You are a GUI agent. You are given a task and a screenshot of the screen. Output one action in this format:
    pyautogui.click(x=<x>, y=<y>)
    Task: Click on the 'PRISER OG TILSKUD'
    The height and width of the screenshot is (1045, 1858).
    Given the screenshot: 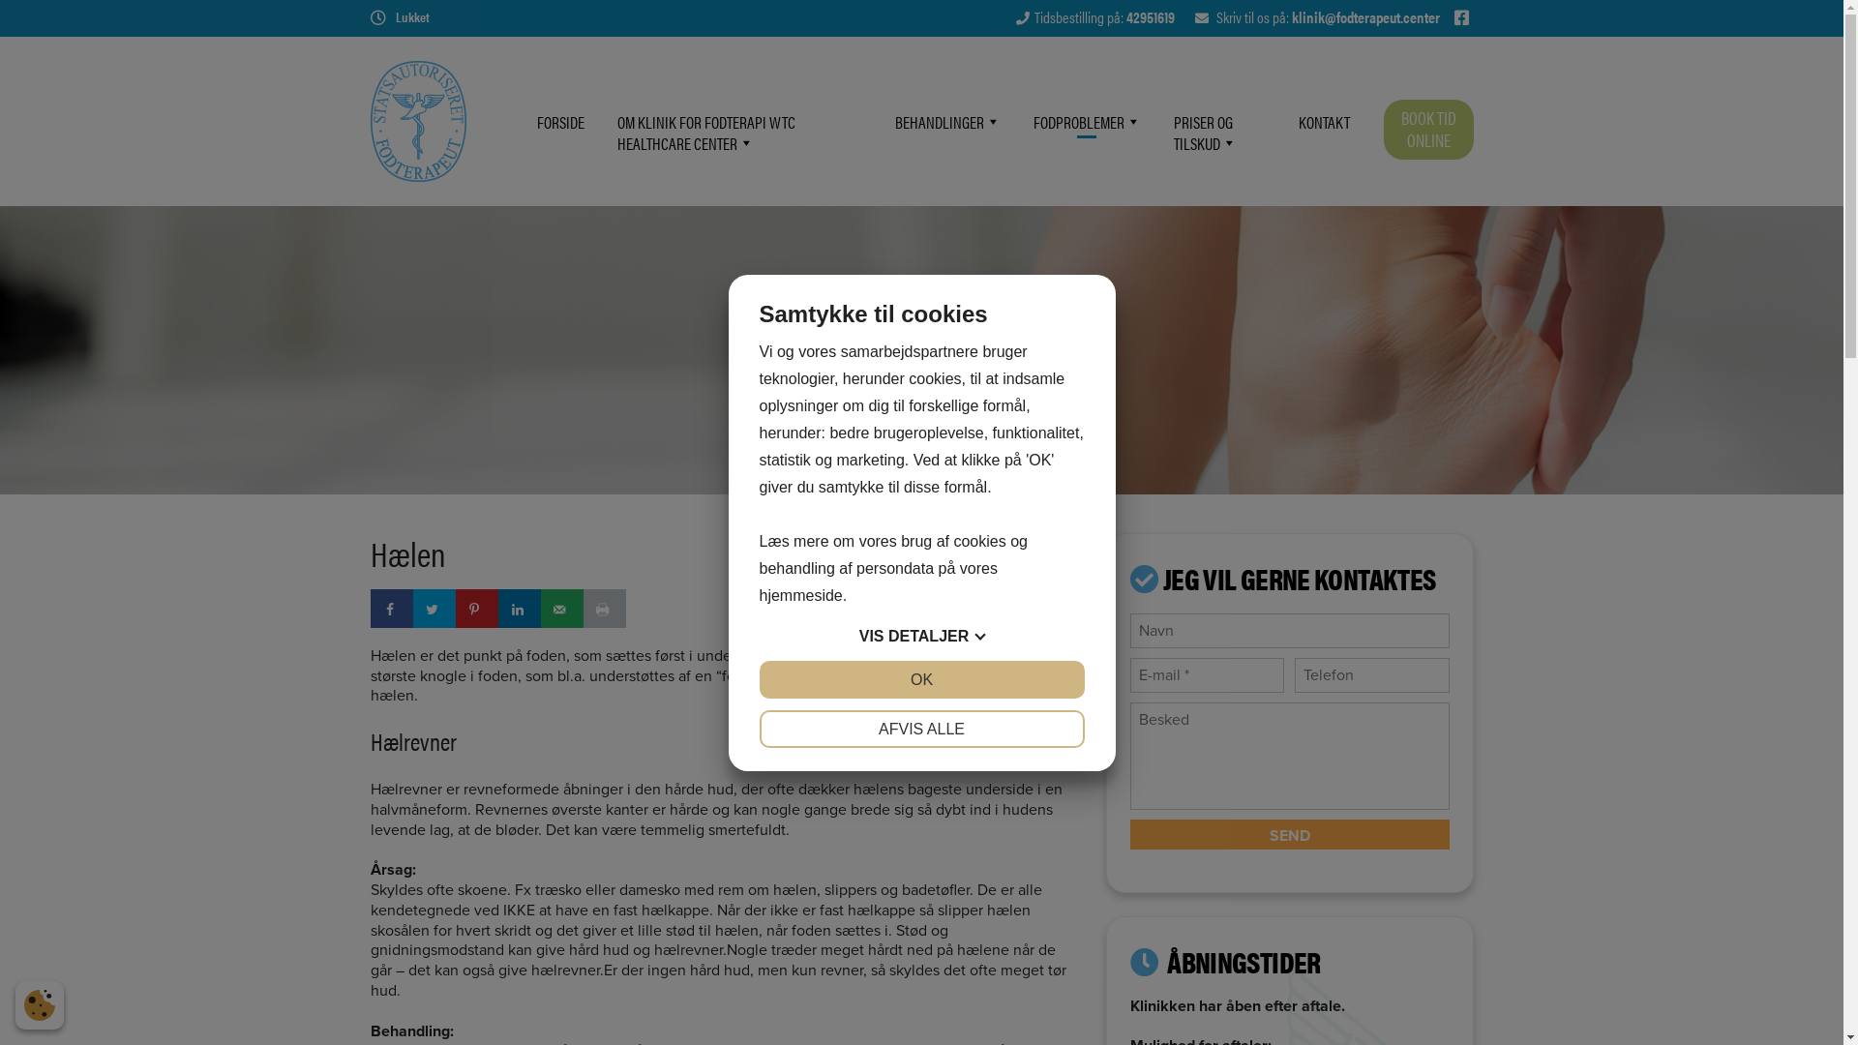 What is the action you would take?
    pyautogui.click(x=1218, y=132)
    